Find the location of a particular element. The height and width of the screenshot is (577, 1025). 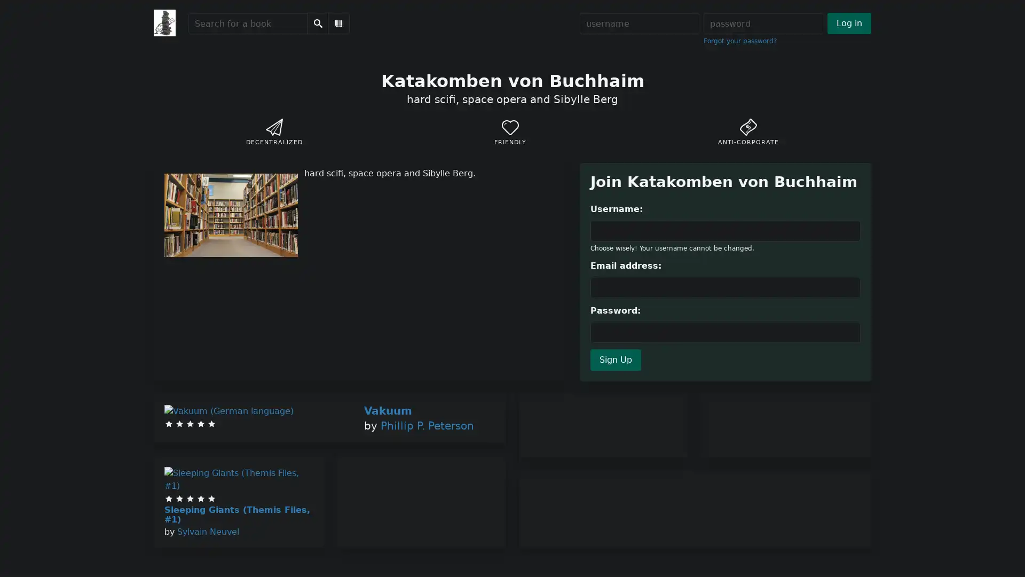

Sign Up is located at coordinates (615, 360).